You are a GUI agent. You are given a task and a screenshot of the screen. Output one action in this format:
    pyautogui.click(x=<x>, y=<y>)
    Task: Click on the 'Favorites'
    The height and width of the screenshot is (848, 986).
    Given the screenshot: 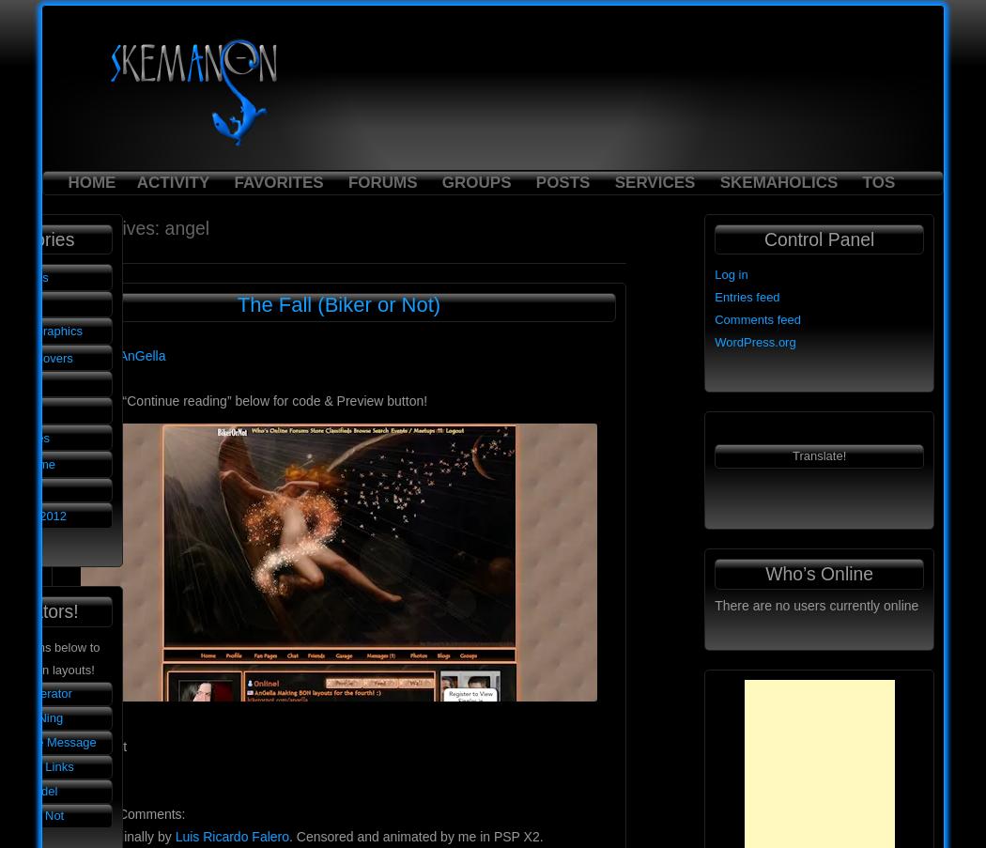 What is the action you would take?
    pyautogui.click(x=233, y=180)
    